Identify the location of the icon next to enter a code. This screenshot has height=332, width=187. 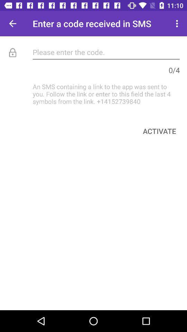
(12, 24).